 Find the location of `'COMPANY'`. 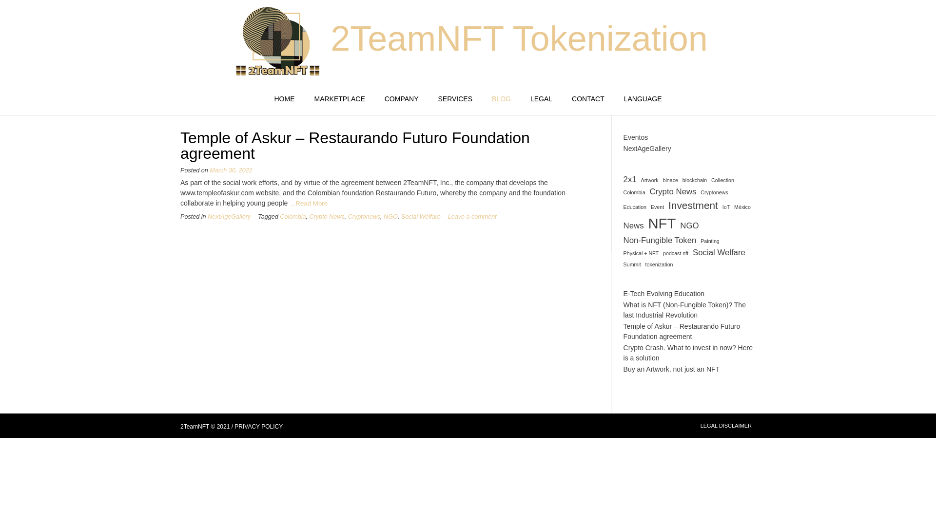

'COMPANY' is located at coordinates (402, 99).